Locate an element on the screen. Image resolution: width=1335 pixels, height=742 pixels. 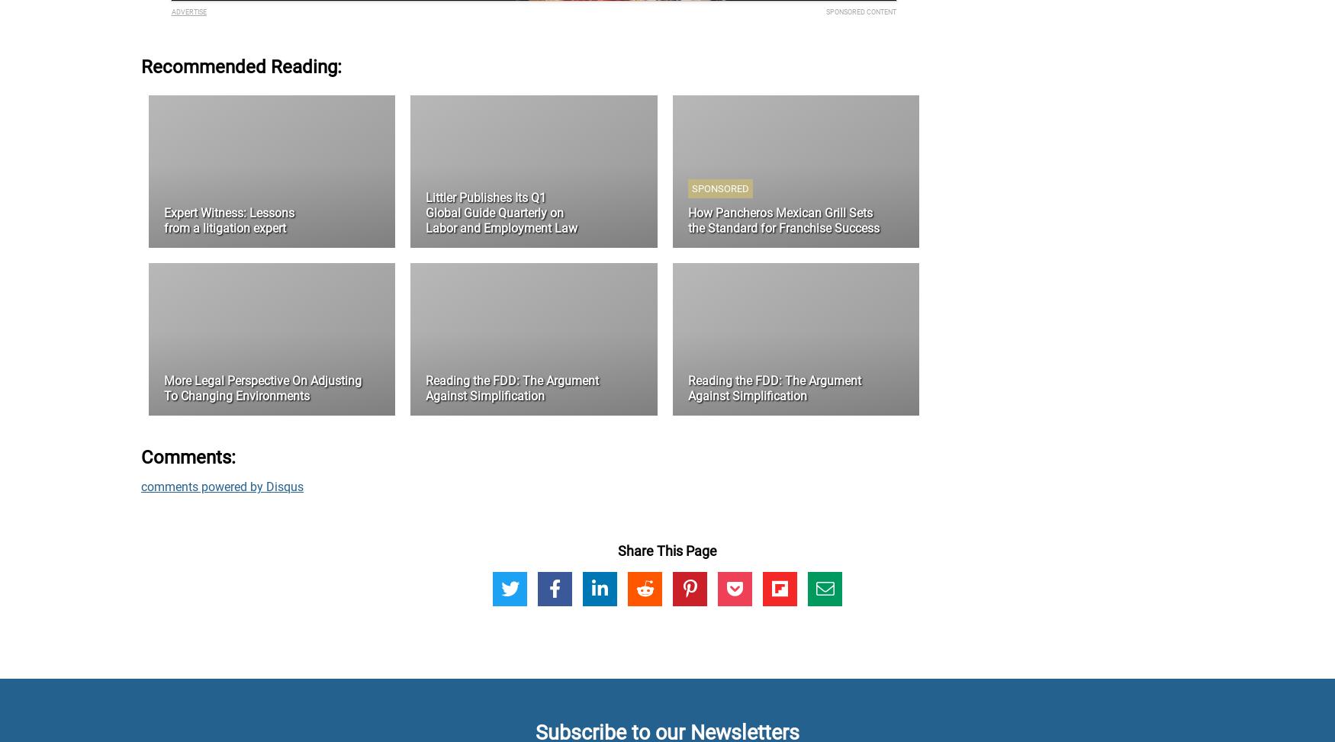
'More Legal Perspective On Adjusting To Changing Environments' is located at coordinates (262, 387).